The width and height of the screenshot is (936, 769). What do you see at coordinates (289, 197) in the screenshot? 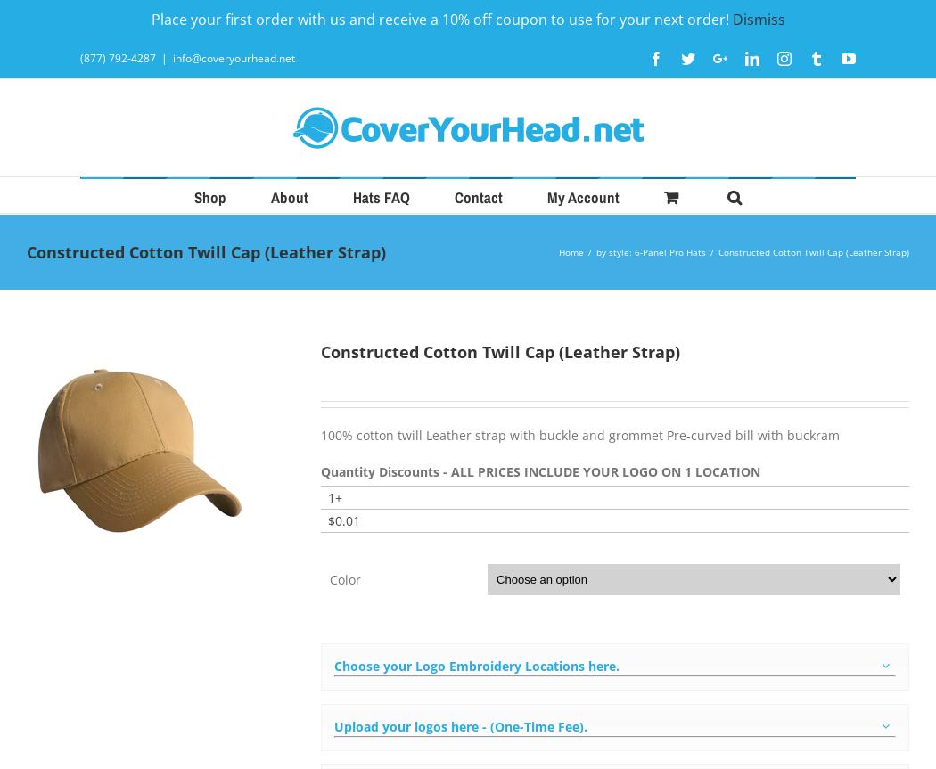
I see `'About'` at bounding box center [289, 197].